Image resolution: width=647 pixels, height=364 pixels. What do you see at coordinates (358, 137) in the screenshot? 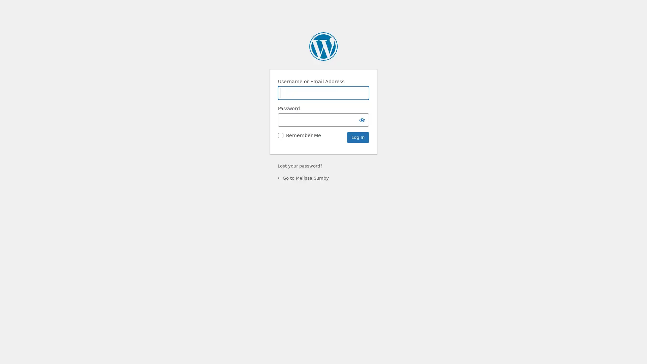
I see `Log In` at bounding box center [358, 137].